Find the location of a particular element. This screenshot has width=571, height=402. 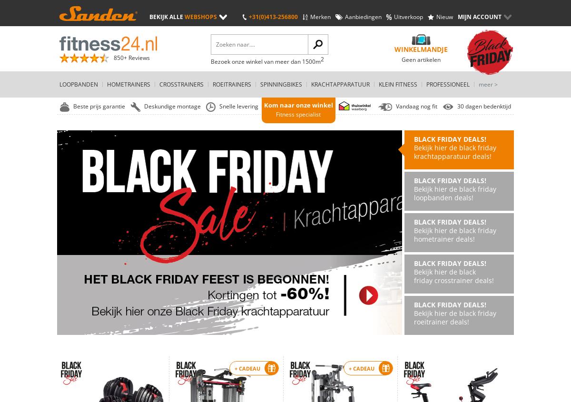

'Beste prijs garantie' is located at coordinates (98, 106).